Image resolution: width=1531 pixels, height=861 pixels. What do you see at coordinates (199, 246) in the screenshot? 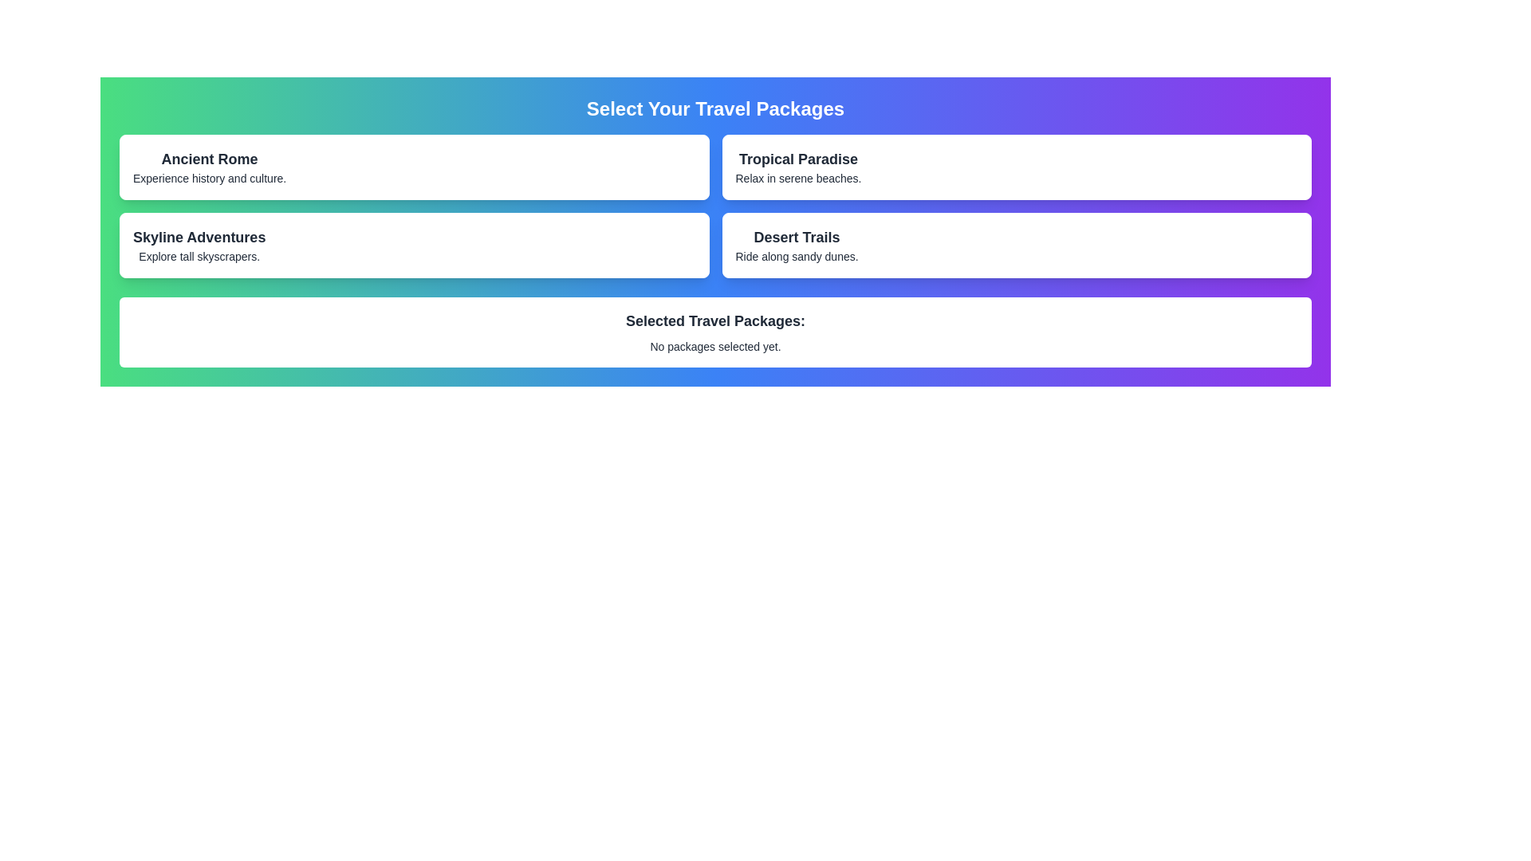
I see `the text 'Skyline Adventures' in the selectable card` at bounding box center [199, 246].